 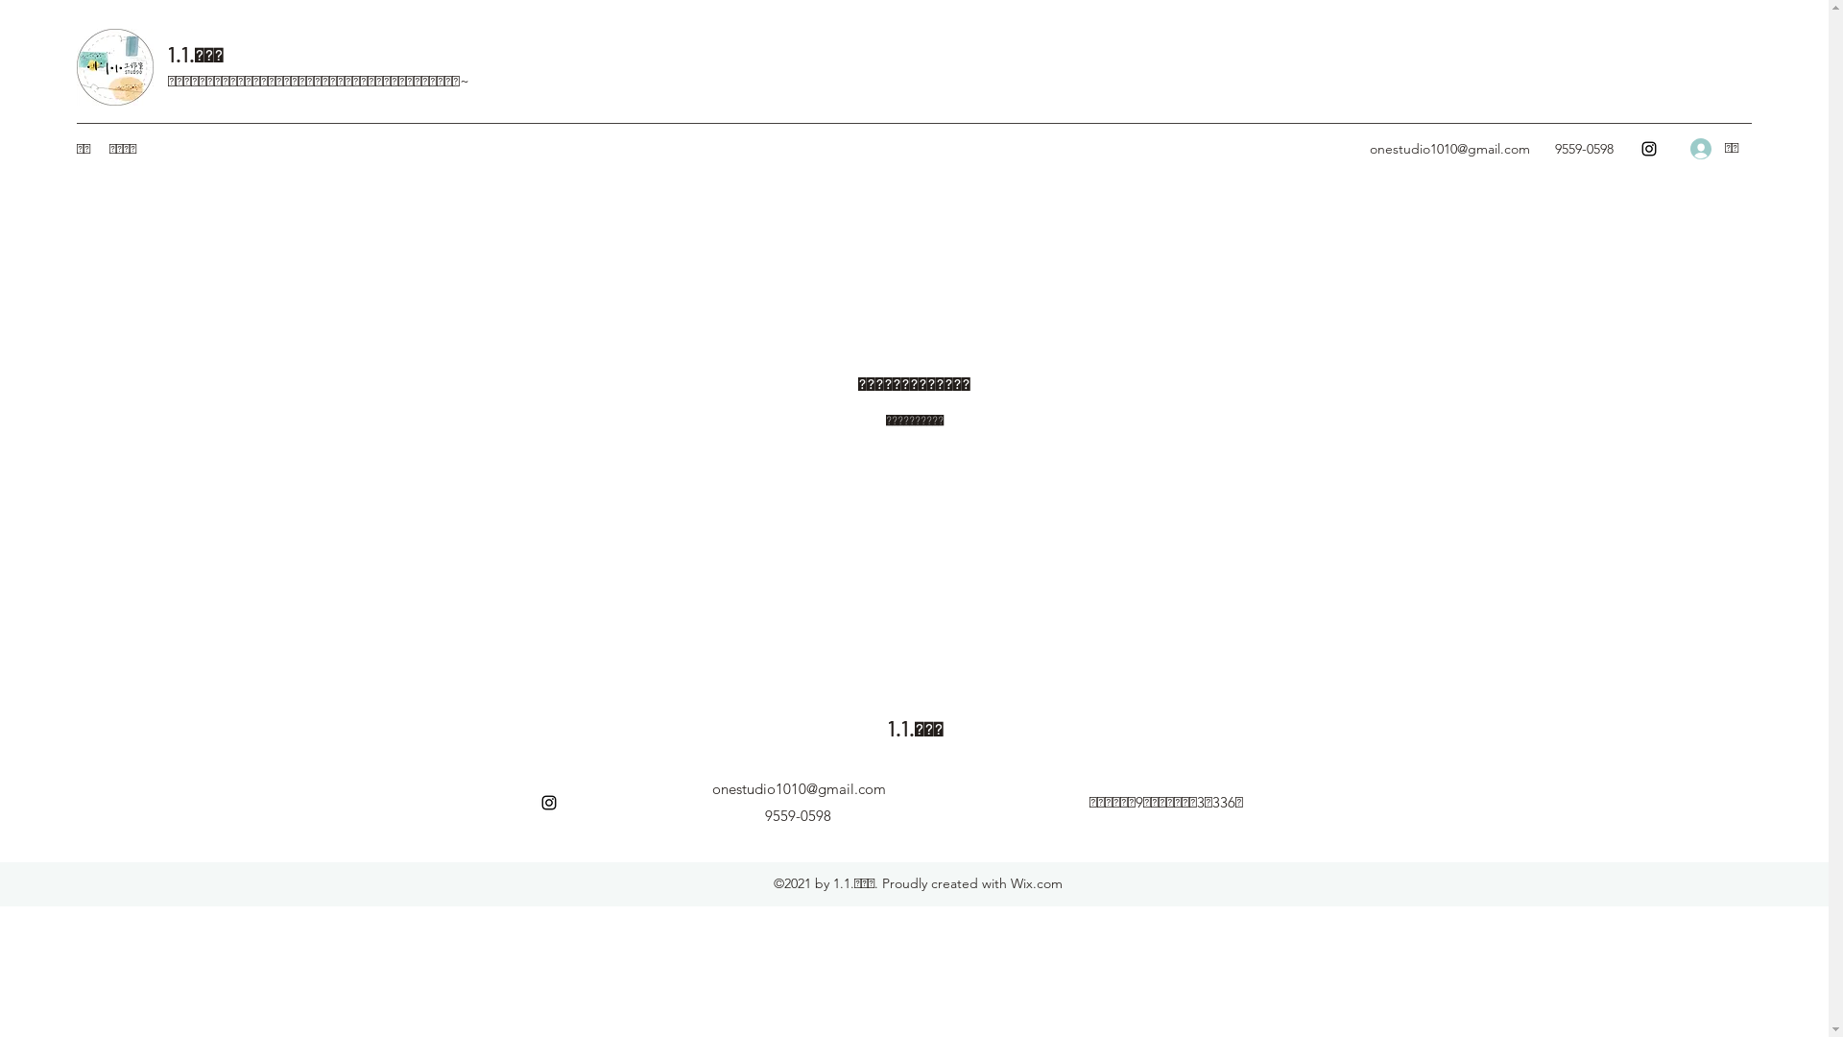 What do you see at coordinates (1449, 147) in the screenshot?
I see `'onestudio1010@gmail.com'` at bounding box center [1449, 147].